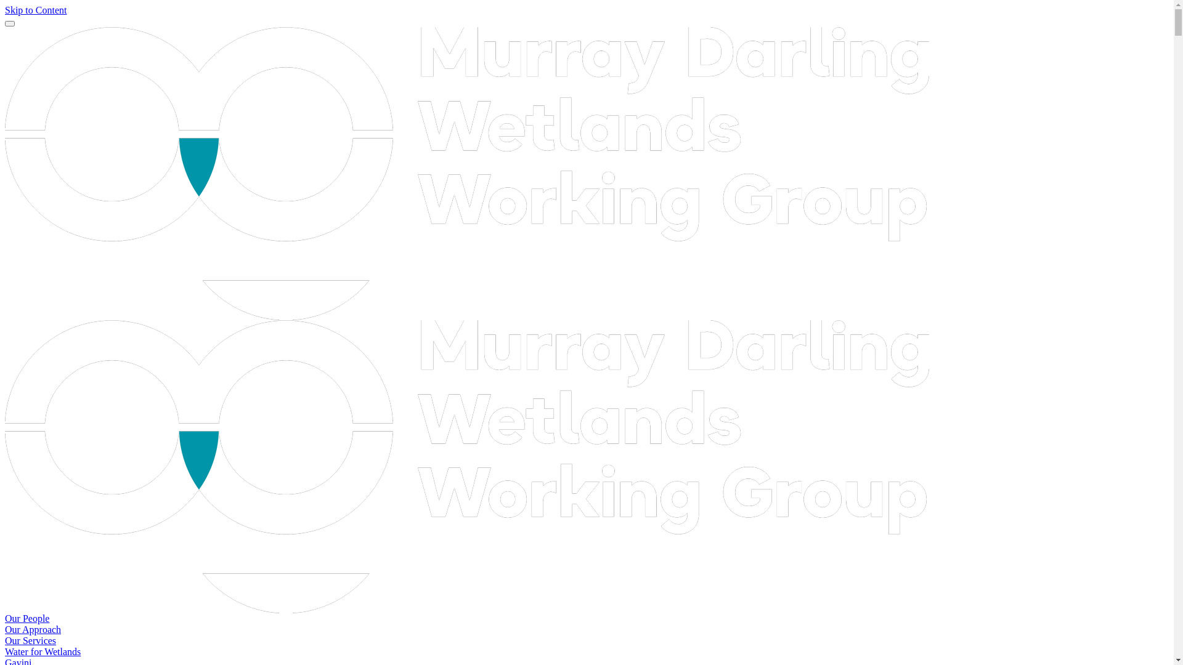  Describe the element at coordinates (33, 629) in the screenshot. I see `'Our Approach'` at that location.